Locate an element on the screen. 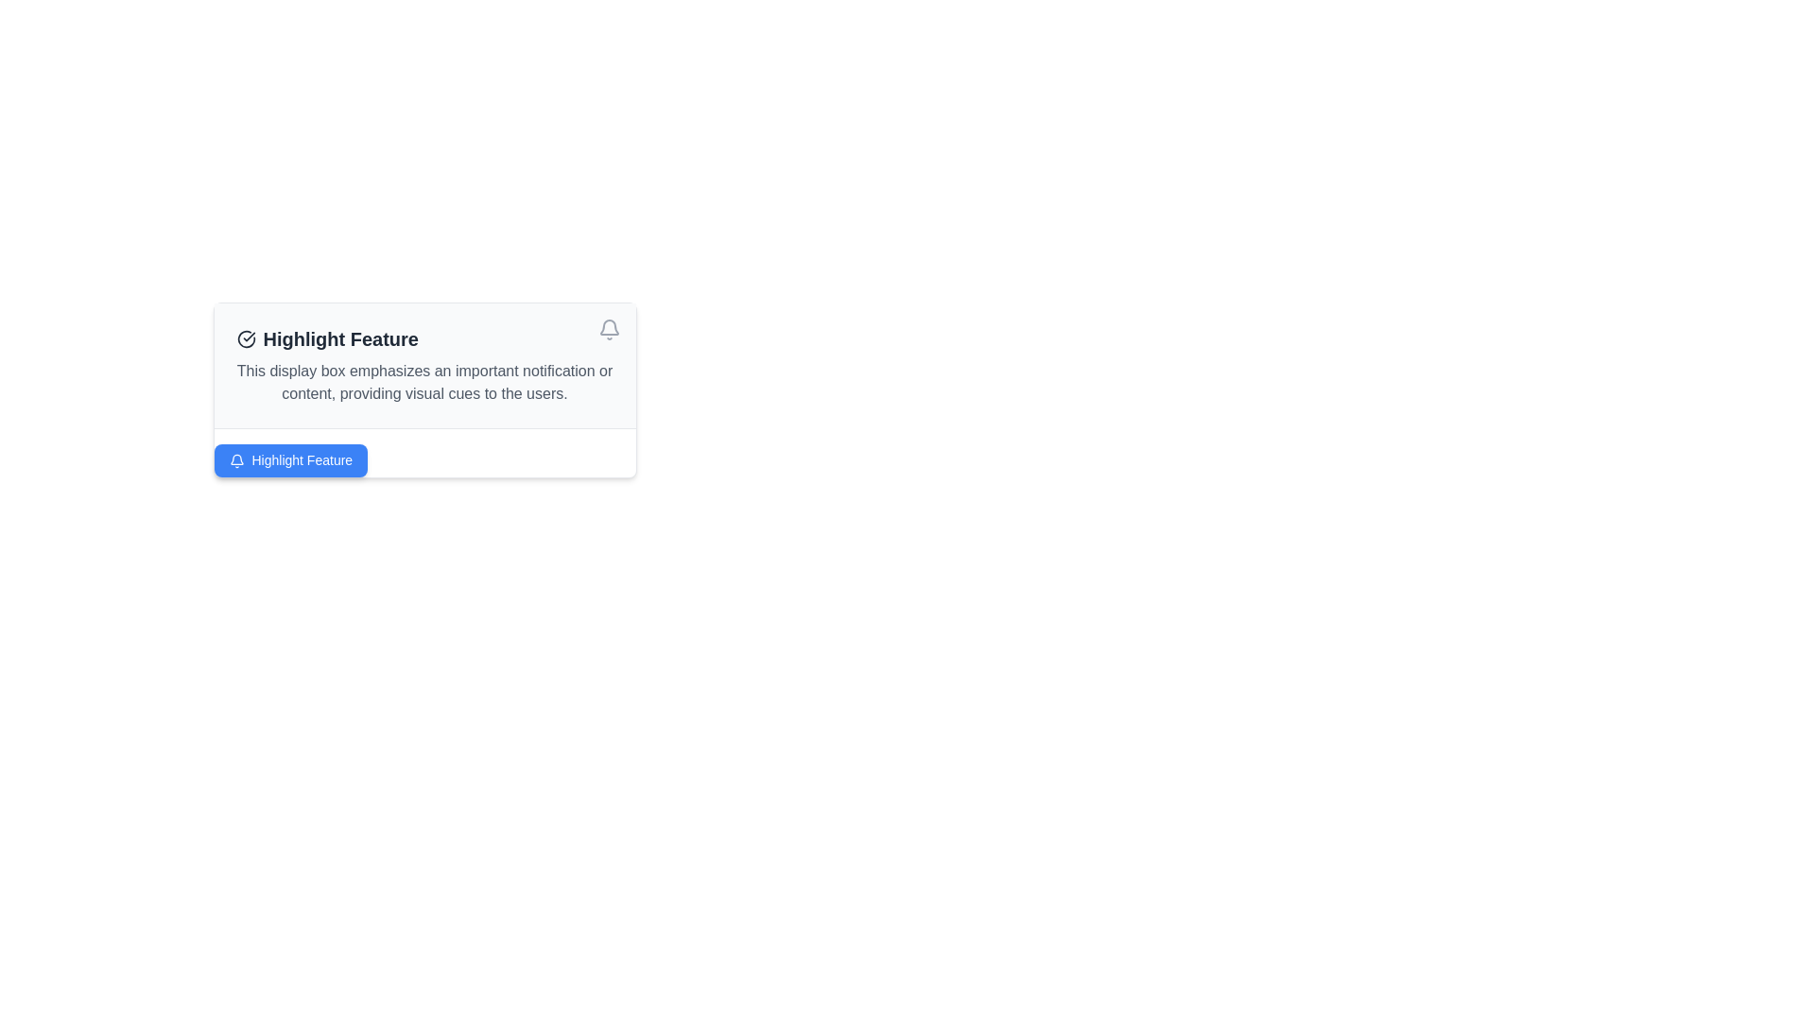 The image size is (1815, 1021). the text label 'Highlight Feature' which is styled with white font on a blue button background, located at the bottom of the display box and positioned to the right of a bell icon is located at coordinates (301, 460).